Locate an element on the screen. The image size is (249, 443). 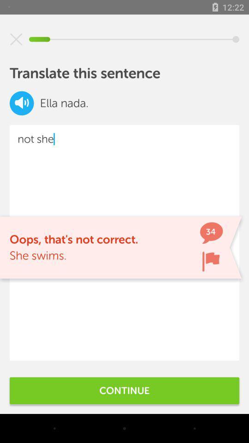
item to the left of ella icon is located at coordinates (22, 103).